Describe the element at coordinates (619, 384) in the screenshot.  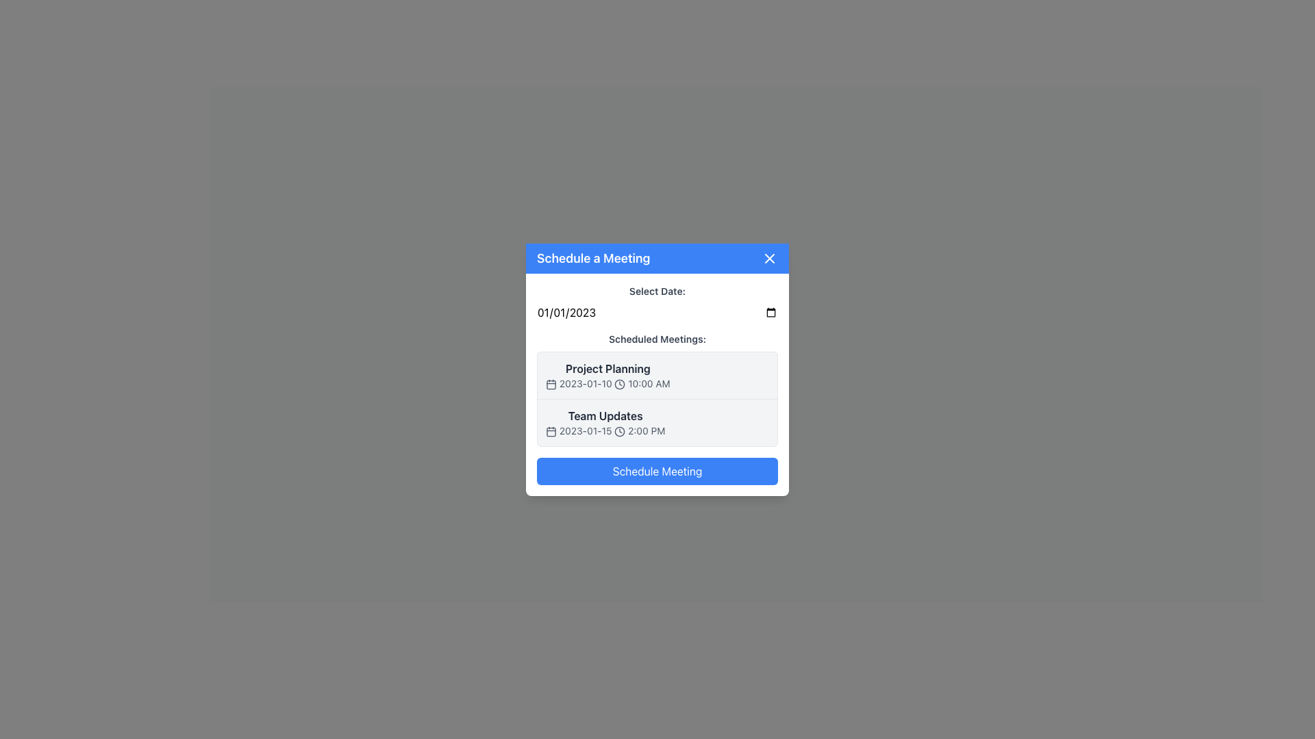
I see `properties of the clock icon SVG graphic located next to '10:00 AM' in the 'Project Planning' row under 'Scheduled Meetings'` at that location.